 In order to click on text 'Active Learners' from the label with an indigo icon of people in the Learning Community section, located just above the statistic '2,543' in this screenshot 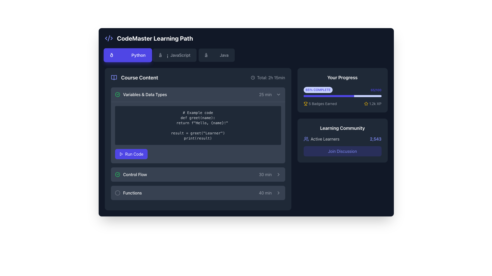, I will do `click(321, 139)`.